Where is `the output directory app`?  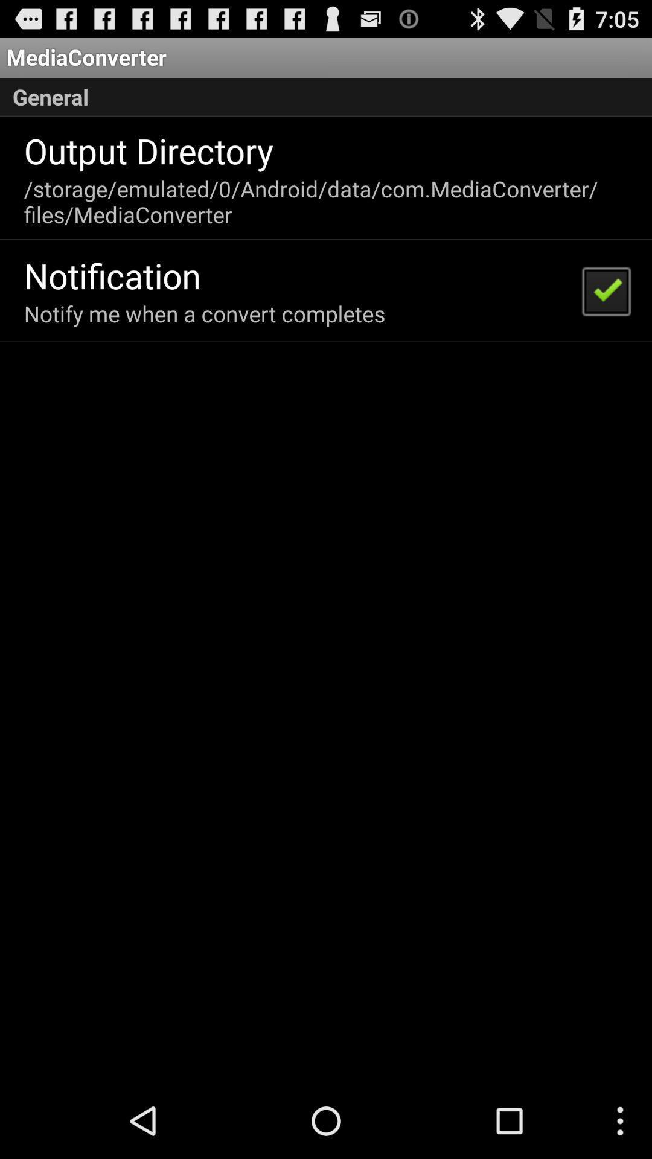
the output directory app is located at coordinates (148, 150).